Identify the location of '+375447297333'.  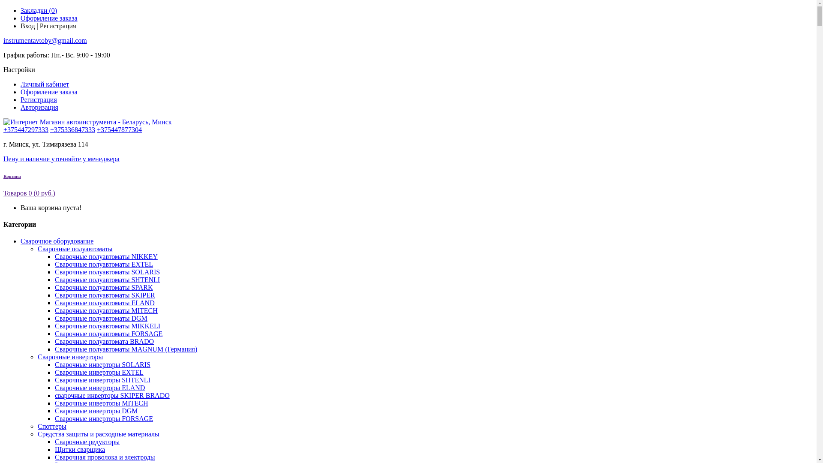
(26, 129).